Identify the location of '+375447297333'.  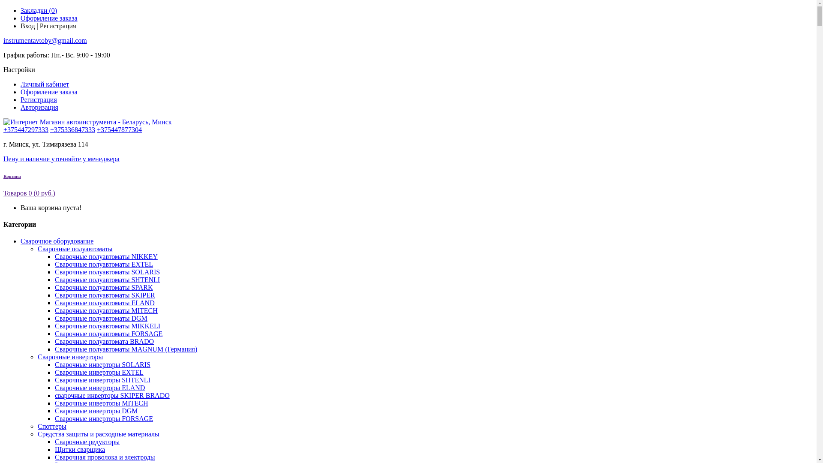
(26, 129).